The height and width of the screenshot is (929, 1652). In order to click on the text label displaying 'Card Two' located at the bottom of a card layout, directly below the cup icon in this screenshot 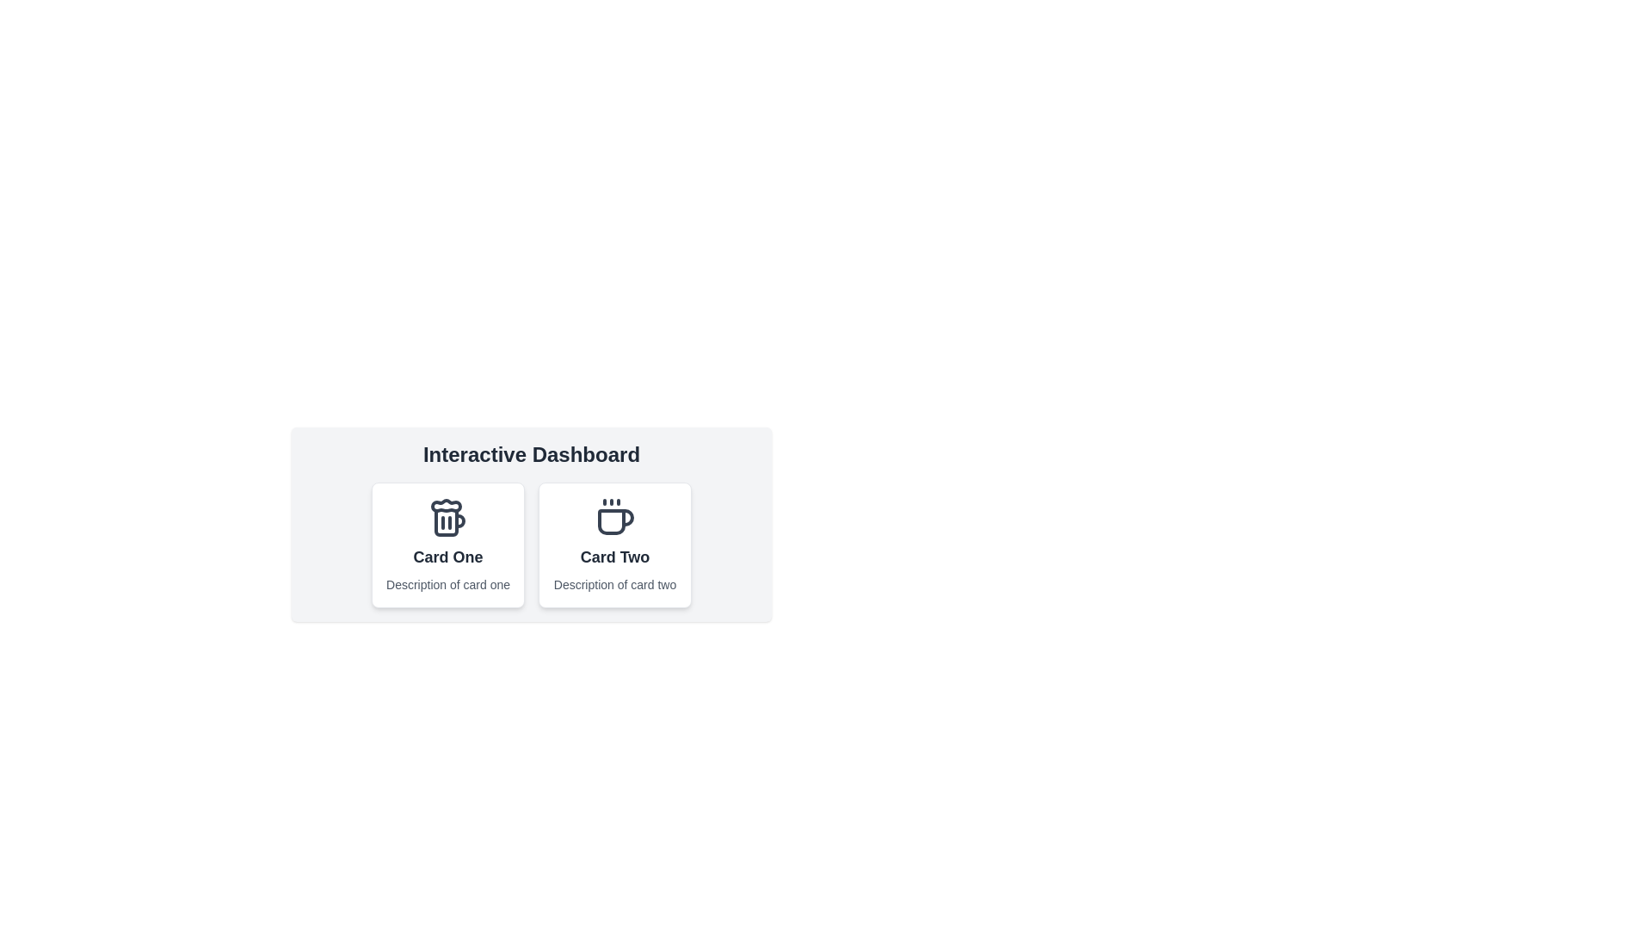, I will do `click(615, 557)`.